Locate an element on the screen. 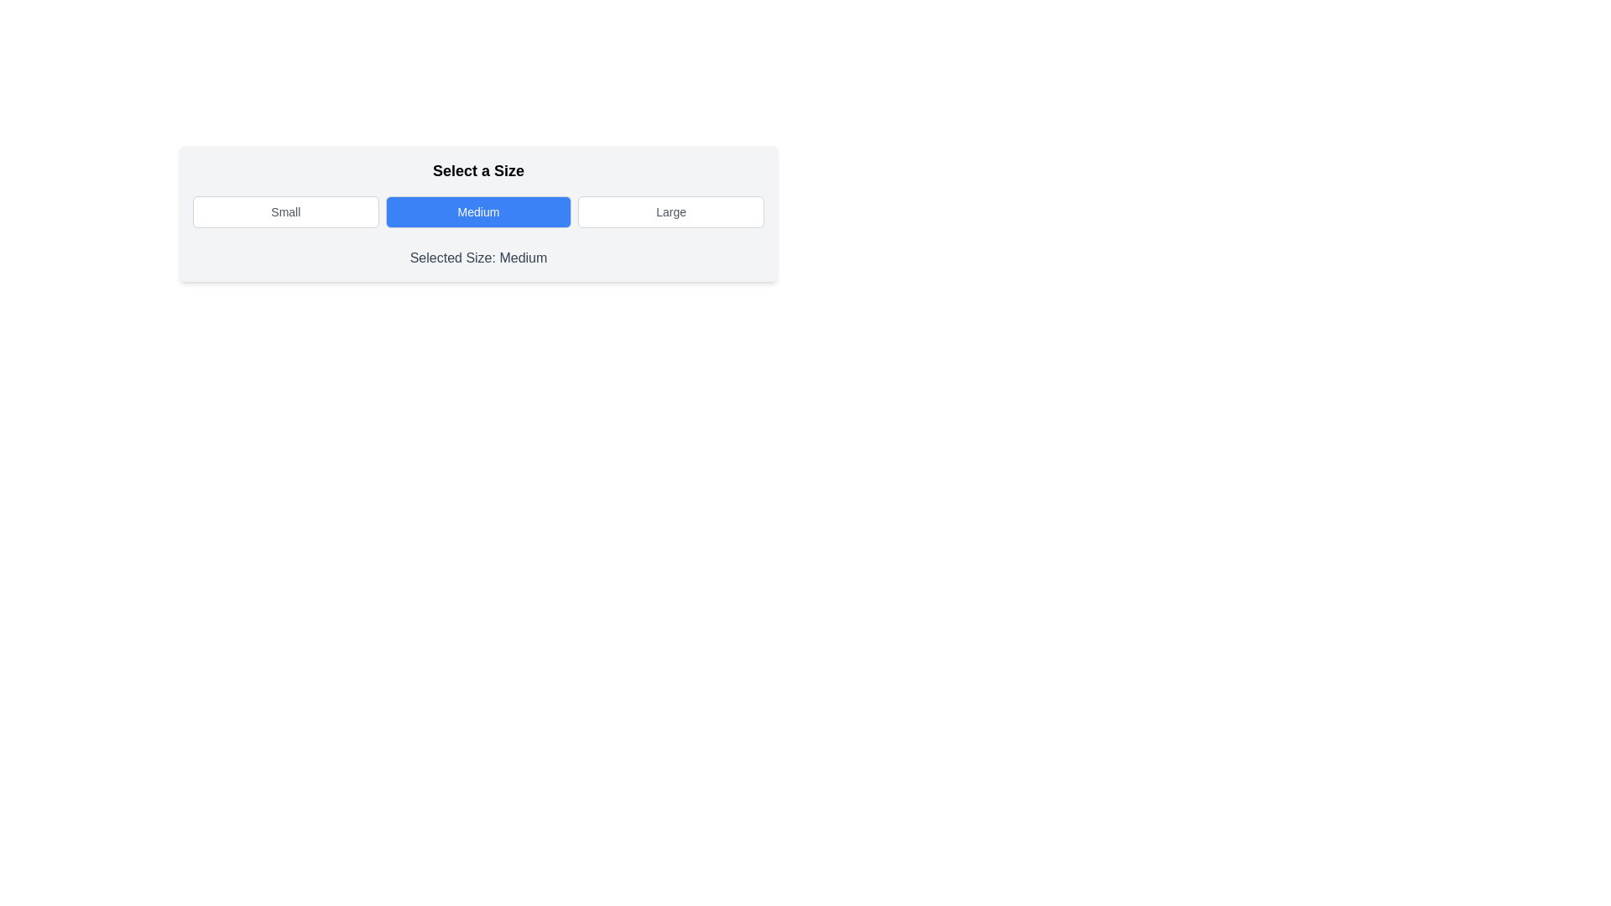 The image size is (1611, 906). the text label displaying 'Selected Size: Medium', which is styled in gray and located beneath the size selection buttons is located at coordinates (477, 258).